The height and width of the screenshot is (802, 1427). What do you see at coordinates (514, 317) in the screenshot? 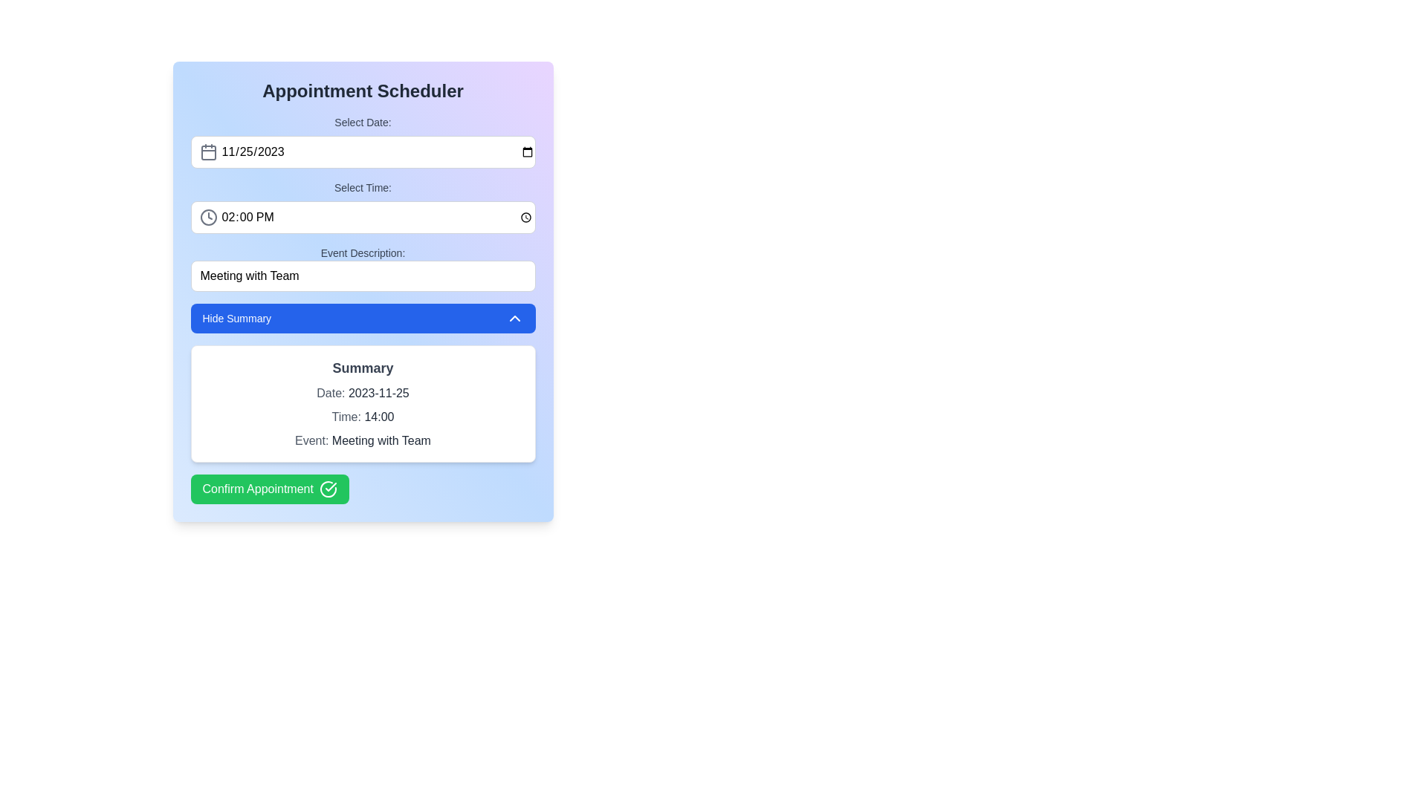
I see `the upward-facing chevron icon on the right edge of the 'Hide Summary' button to hide the summary` at bounding box center [514, 317].